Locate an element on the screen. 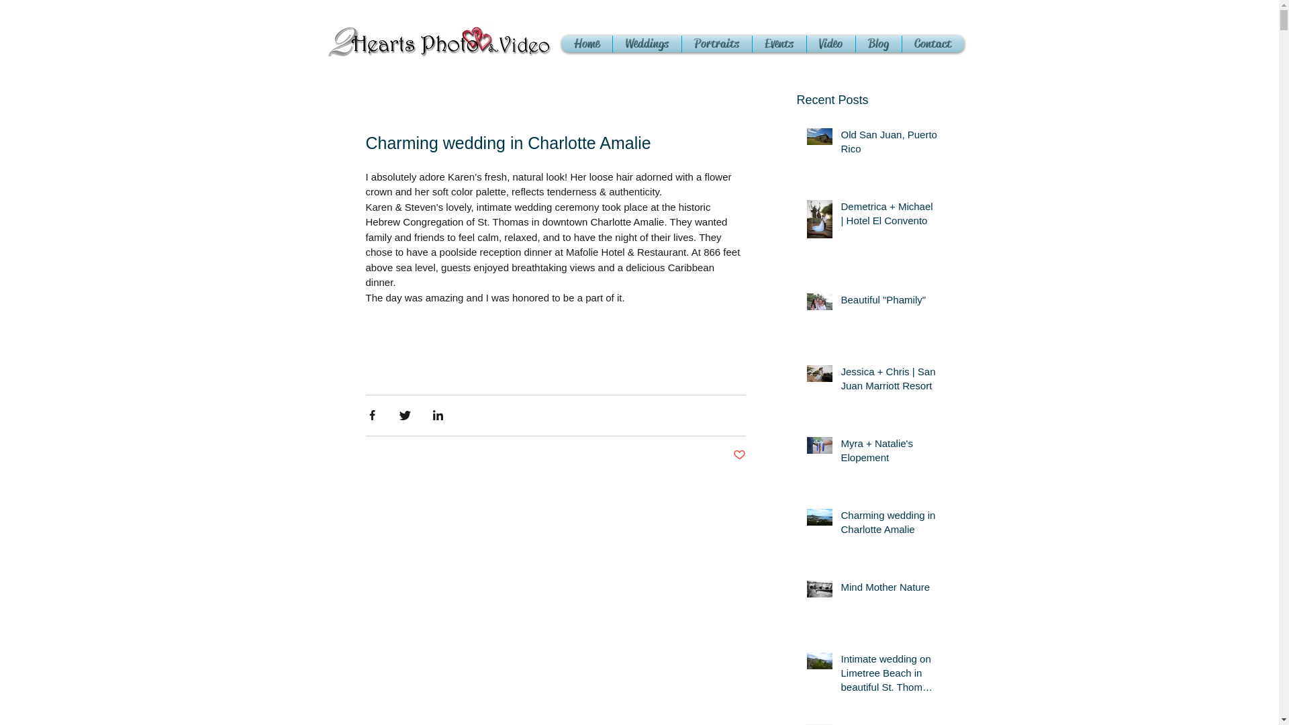  'Home' is located at coordinates (586, 43).